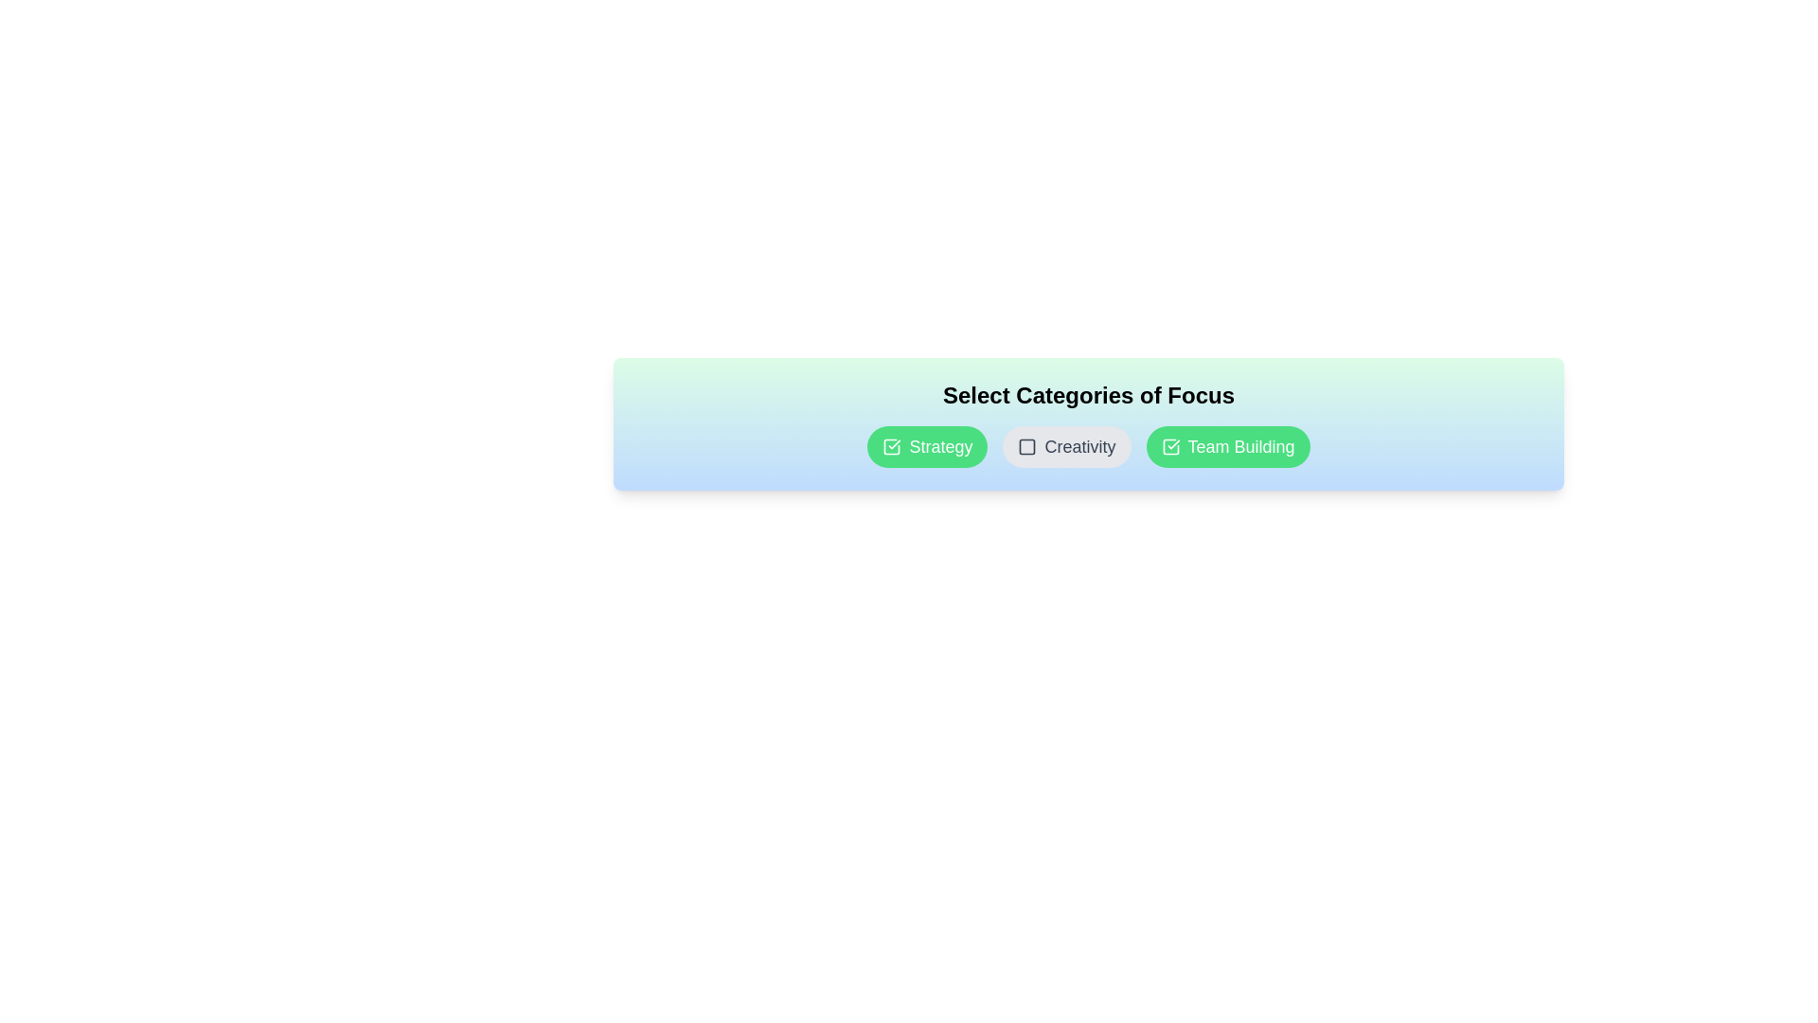 The height and width of the screenshot is (1023, 1818). Describe the element at coordinates (1227, 446) in the screenshot. I see `the chip labeled Team Building` at that location.